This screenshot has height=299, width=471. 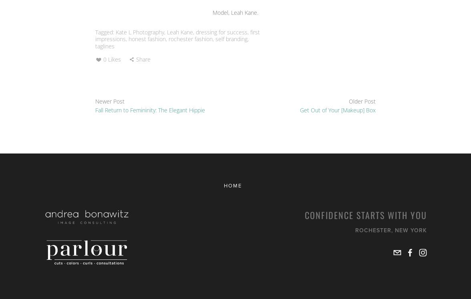 I want to click on 'Model, Leah Kane.', so click(x=235, y=12).